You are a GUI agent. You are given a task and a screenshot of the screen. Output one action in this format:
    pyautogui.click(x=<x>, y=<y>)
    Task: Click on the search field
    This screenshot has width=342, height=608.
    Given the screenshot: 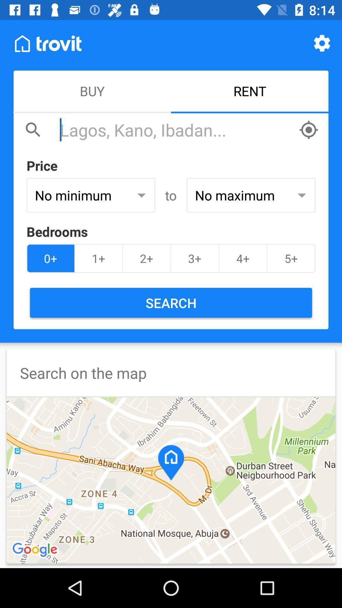 What is the action you would take?
    pyautogui.click(x=176, y=130)
    